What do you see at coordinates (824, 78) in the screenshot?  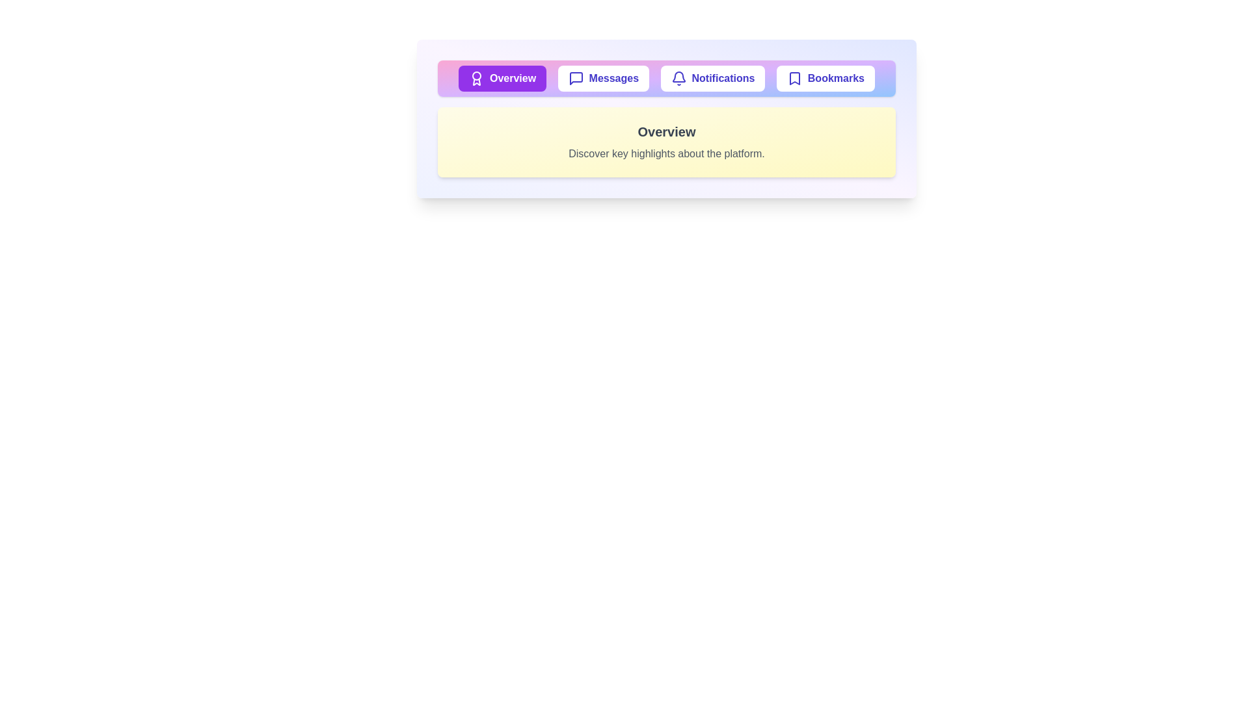 I see `the tab labeled Bookmarks` at bounding box center [824, 78].